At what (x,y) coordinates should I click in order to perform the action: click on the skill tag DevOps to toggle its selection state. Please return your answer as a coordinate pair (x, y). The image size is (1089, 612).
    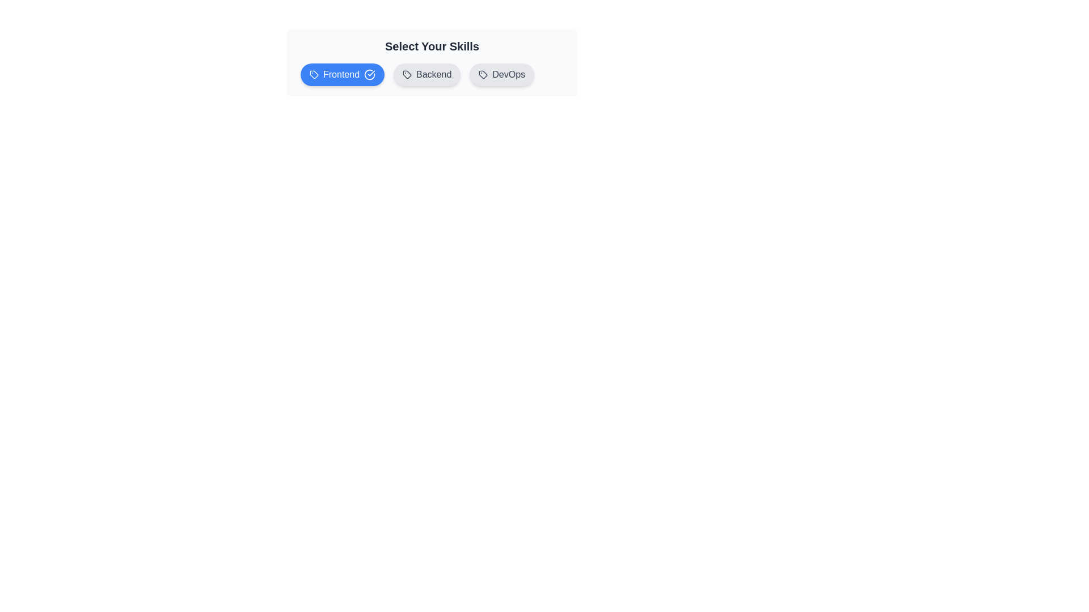
    Looking at the image, I should click on (501, 74).